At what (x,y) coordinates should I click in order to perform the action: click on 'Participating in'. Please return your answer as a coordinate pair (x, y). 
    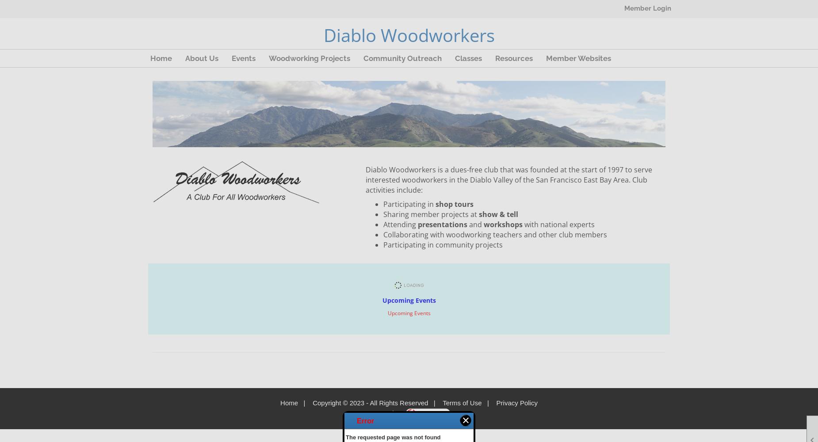
    Looking at the image, I should click on (409, 204).